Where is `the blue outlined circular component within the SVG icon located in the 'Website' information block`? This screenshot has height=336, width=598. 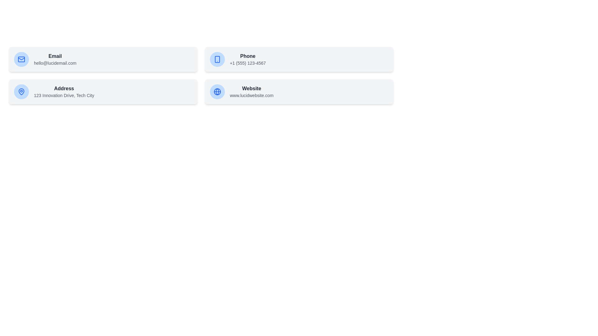 the blue outlined circular component within the SVG icon located in the 'Website' information block is located at coordinates (217, 91).